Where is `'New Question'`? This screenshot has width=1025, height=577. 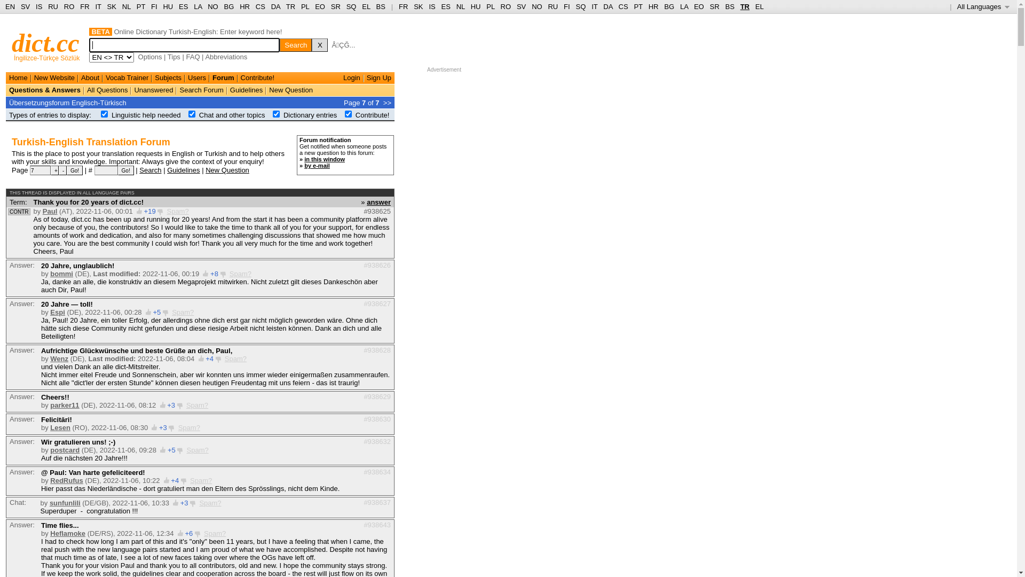
'New Question' is located at coordinates (227, 169).